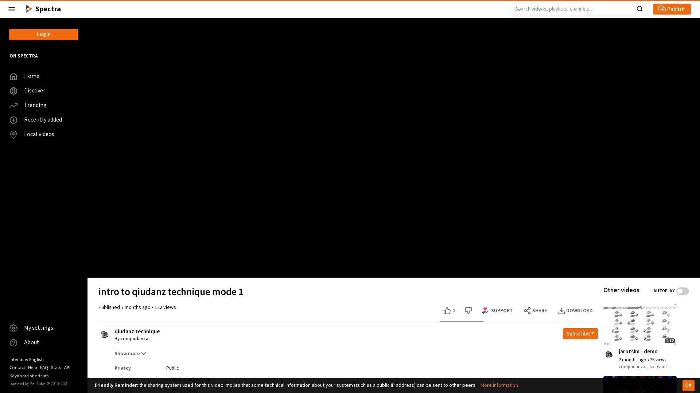 This screenshot has width=700, height=393. What do you see at coordinates (12, 9) in the screenshot?
I see `Close the left menu` at bounding box center [12, 9].